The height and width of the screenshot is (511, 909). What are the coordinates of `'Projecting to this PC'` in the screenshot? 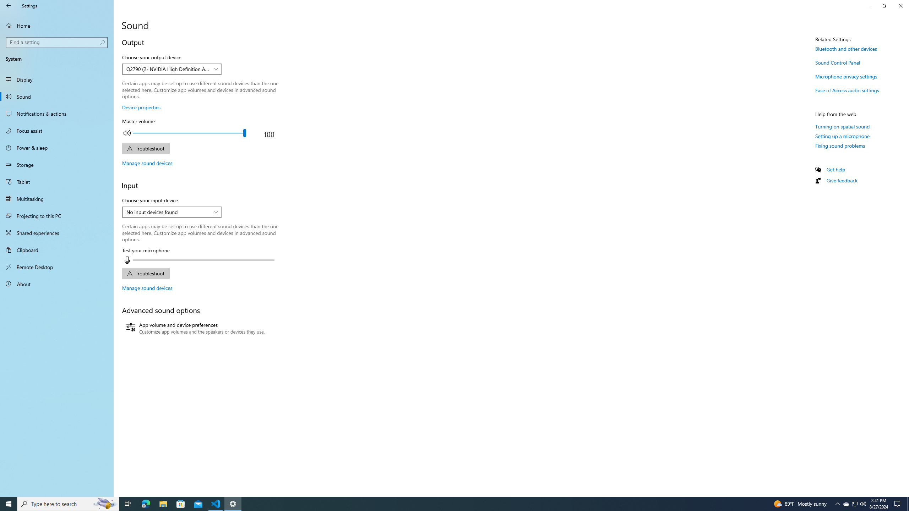 It's located at (56, 216).